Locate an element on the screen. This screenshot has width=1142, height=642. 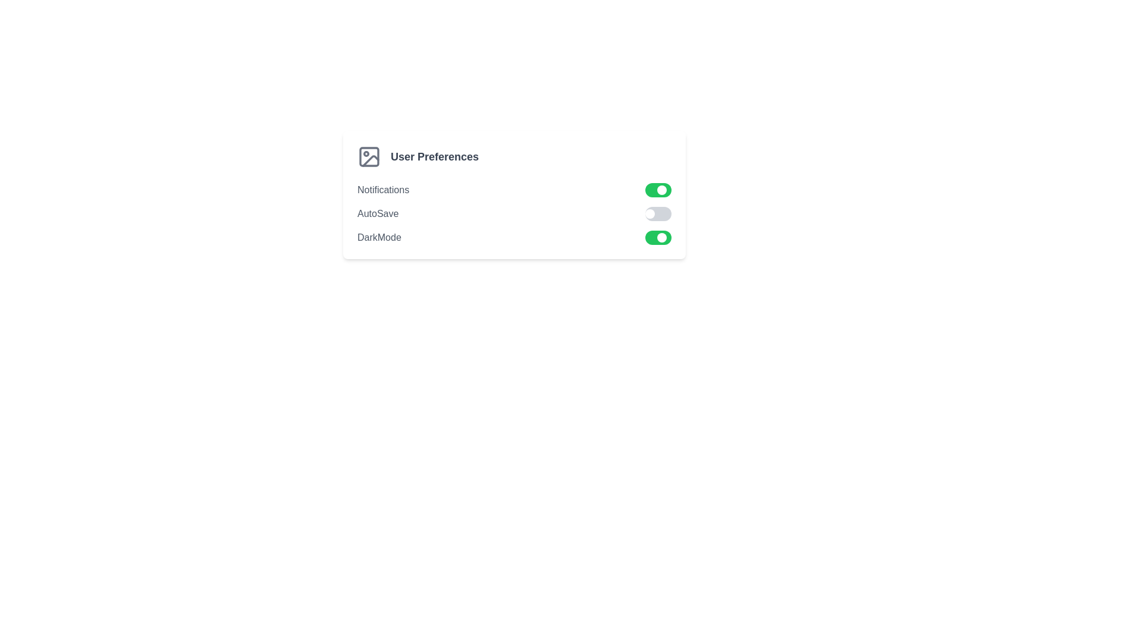
the label associated with the toggle control for dark mode located beneath the 'AutoSave' option in the 'User Preferences' settings panel is located at coordinates (378, 238).